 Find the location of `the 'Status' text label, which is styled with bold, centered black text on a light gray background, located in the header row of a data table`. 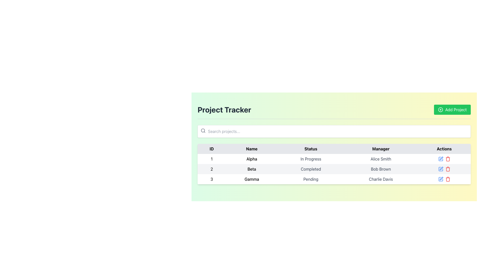

the 'Status' text label, which is styled with bold, centered black text on a light gray background, located in the header row of a data table is located at coordinates (310, 149).